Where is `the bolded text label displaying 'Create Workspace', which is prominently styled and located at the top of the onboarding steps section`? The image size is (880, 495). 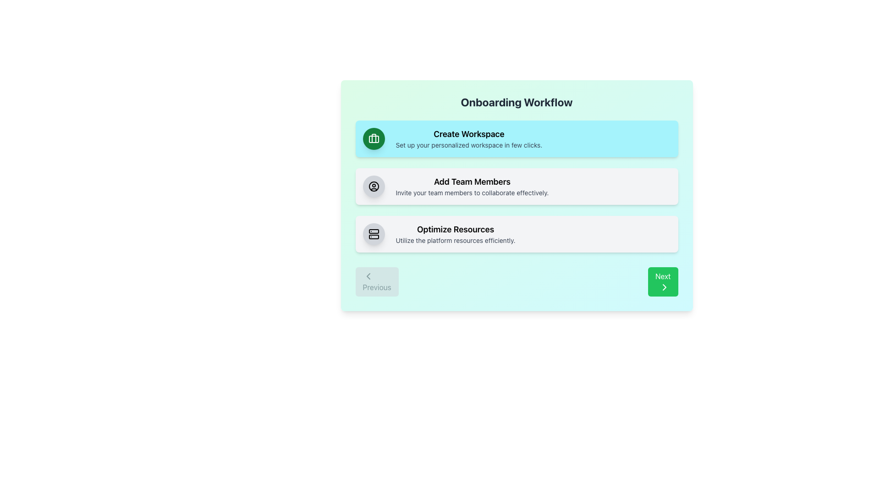
the bolded text label displaying 'Create Workspace', which is prominently styled and located at the top of the onboarding steps section is located at coordinates (469, 134).